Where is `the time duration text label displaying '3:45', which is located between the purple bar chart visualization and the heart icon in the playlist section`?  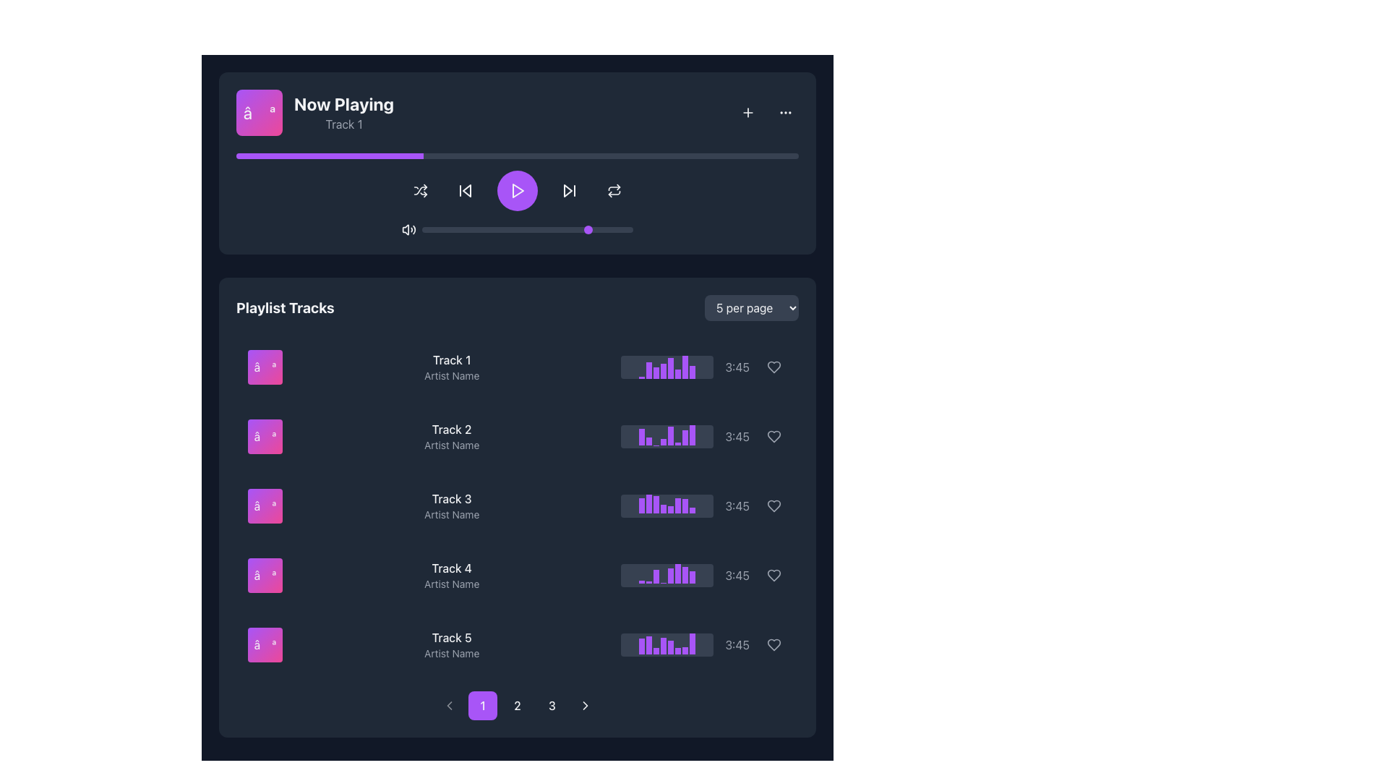 the time duration text label displaying '3:45', which is located between the purple bar chart visualization and the heart icon in the playlist section is located at coordinates (737, 367).